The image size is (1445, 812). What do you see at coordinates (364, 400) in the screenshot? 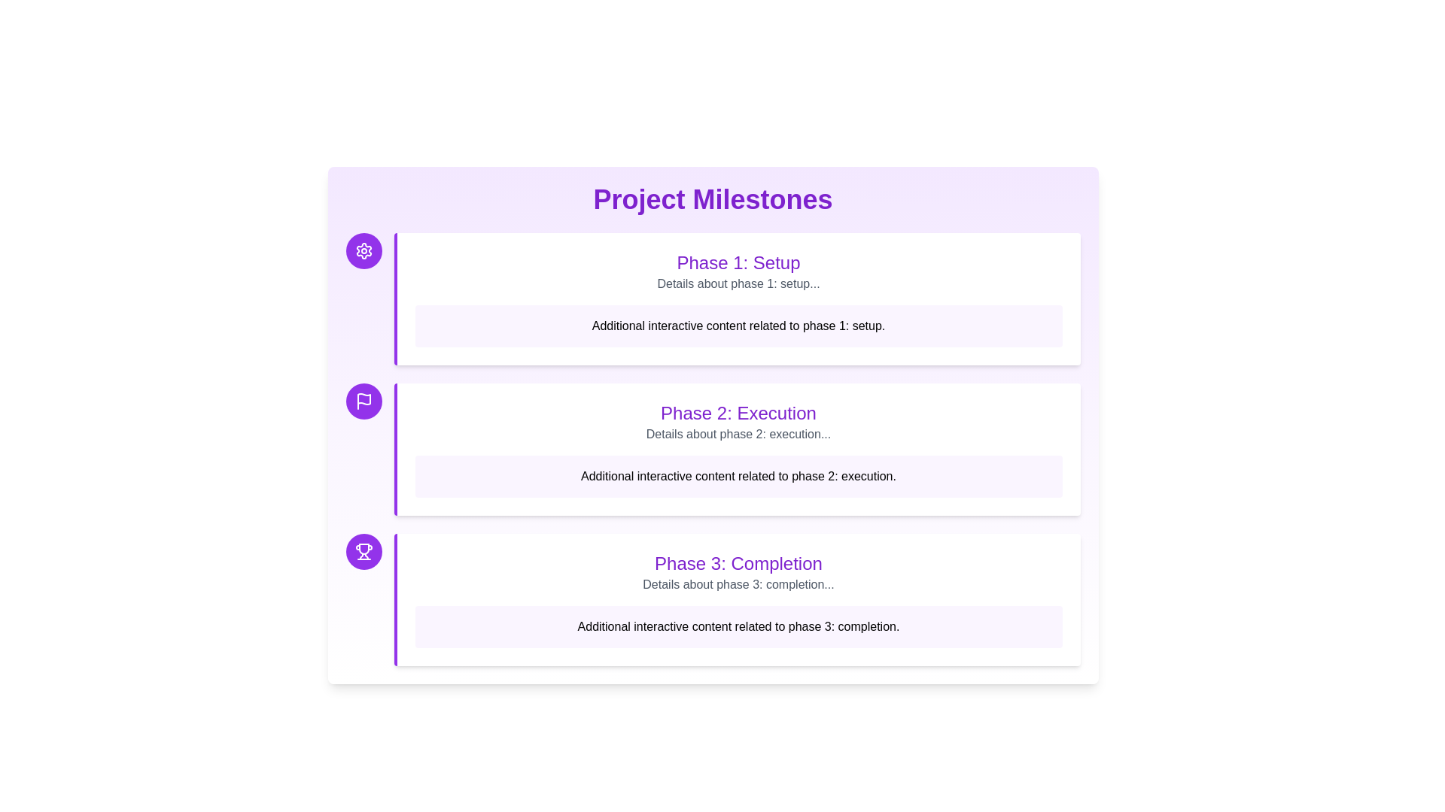
I see `the milestone icon located centrally within the circular purple background button, which is the second entry in the vertical layout of steps` at bounding box center [364, 400].